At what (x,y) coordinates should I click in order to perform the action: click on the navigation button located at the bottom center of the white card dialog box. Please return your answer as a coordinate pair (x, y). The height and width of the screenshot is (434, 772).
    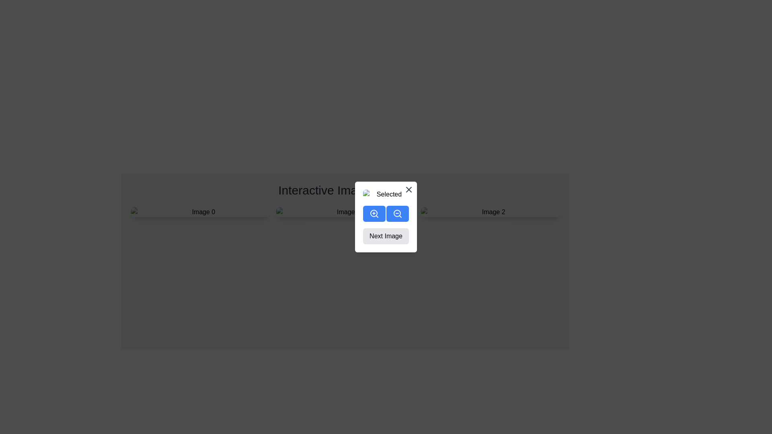
    Looking at the image, I should click on (386, 235).